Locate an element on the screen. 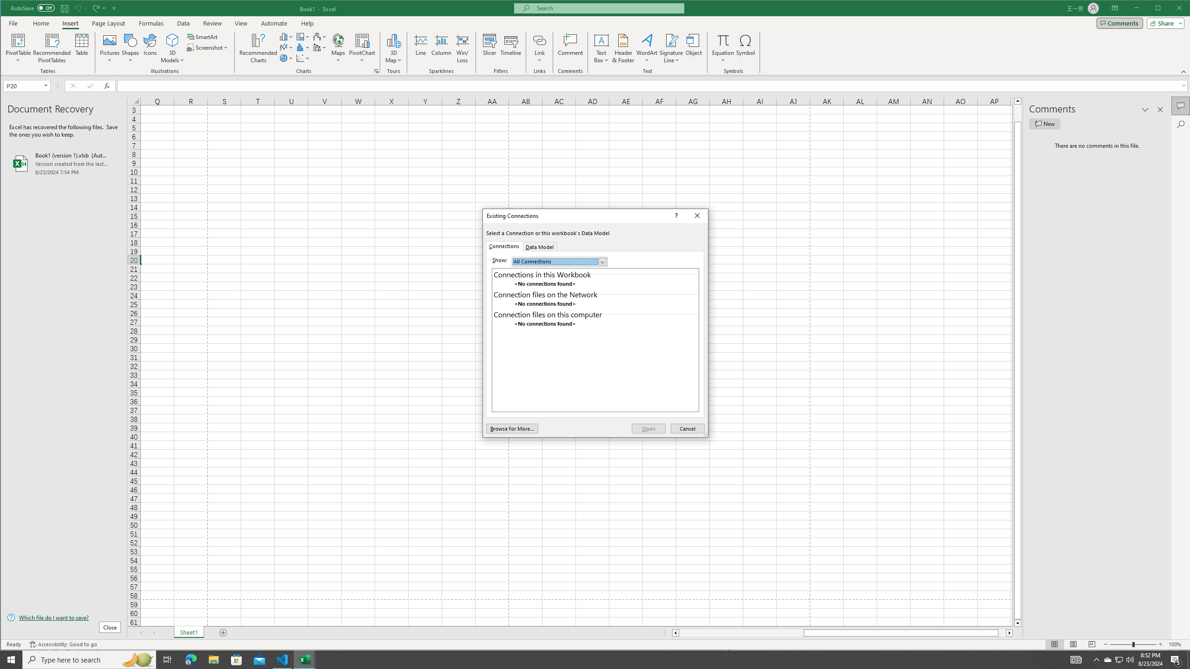 The image size is (1190, 669). 'Header & Footer...' is located at coordinates (623, 48).